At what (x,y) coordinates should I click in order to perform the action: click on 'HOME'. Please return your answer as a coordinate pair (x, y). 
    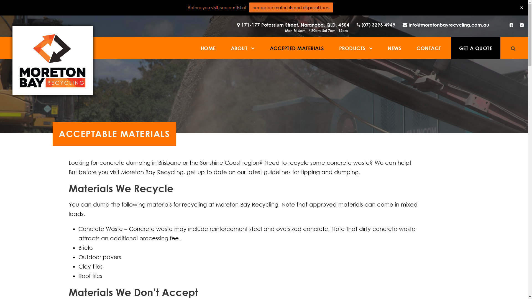
    Looking at the image, I should click on (208, 48).